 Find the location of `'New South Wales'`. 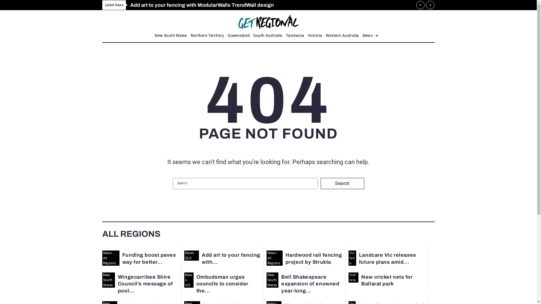

'New South Wales' is located at coordinates (108, 280).